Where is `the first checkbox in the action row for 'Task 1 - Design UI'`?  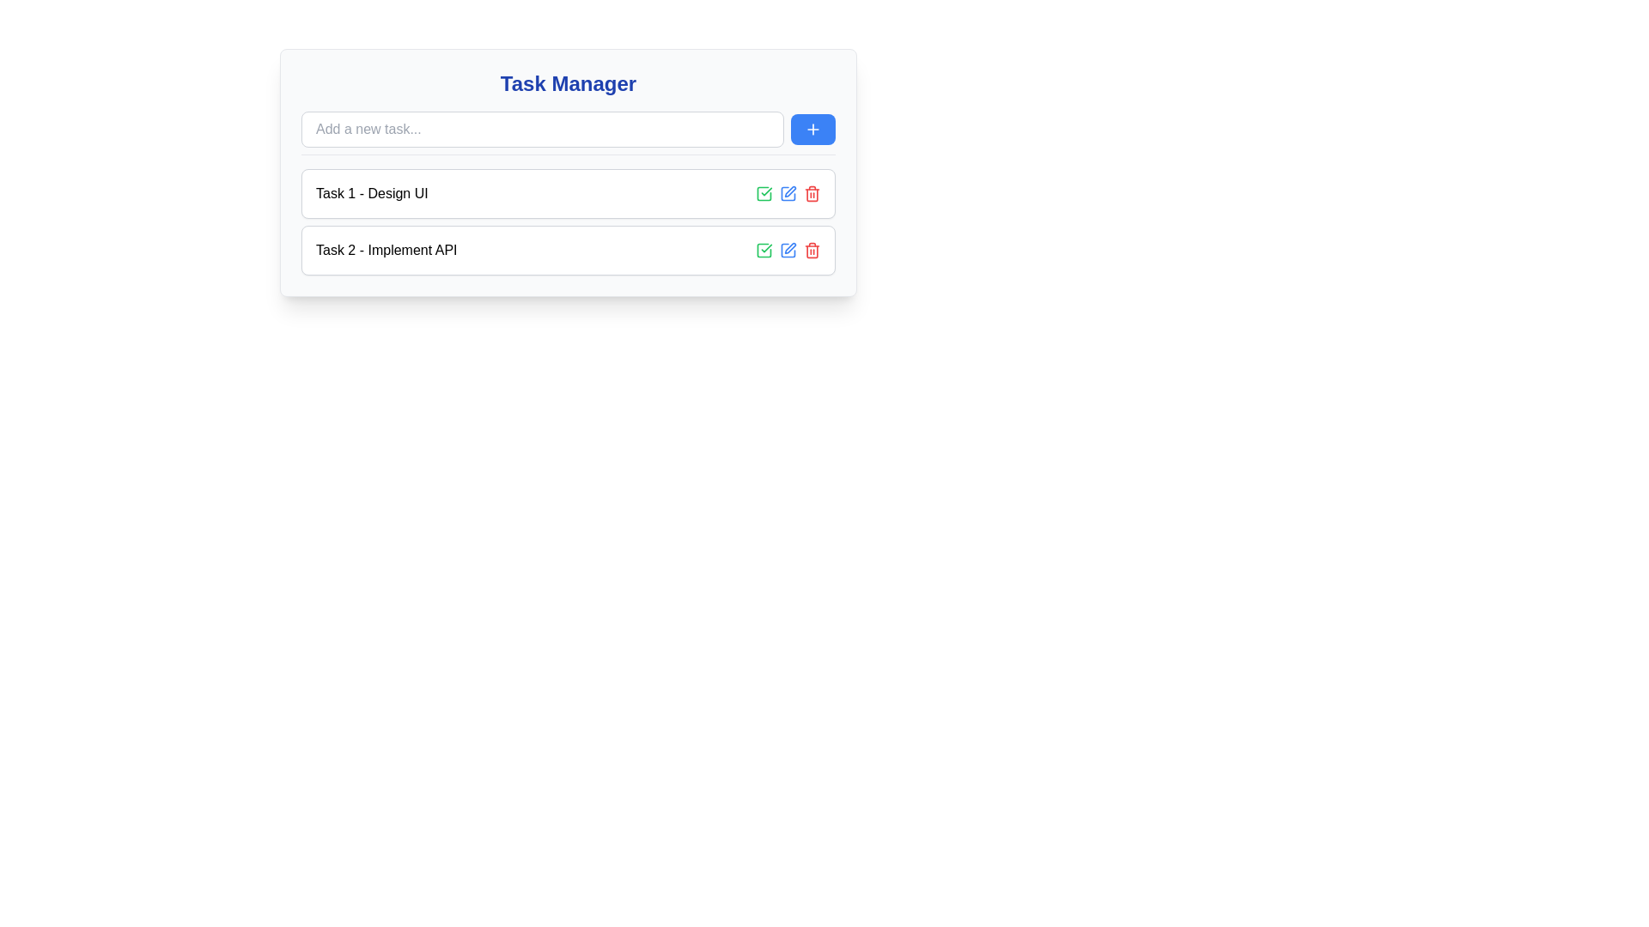
the first checkbox in the action row for 'Task 1 - Design UI' is located at coordinates (763, 193).